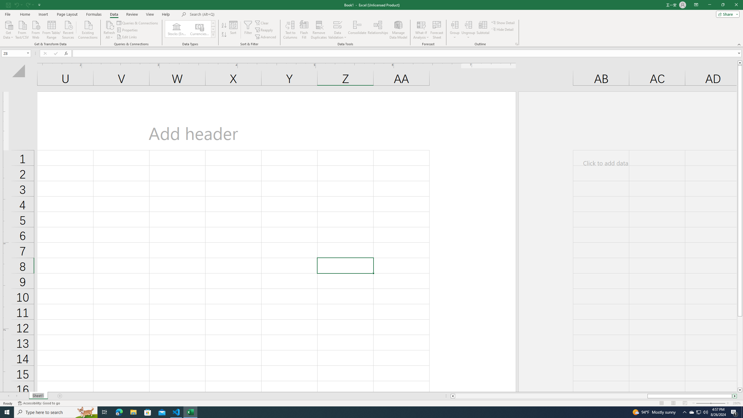 The height and width of the screenshot is (418, 743). I want to click on 'Stocks (English)', so click(176, 29).